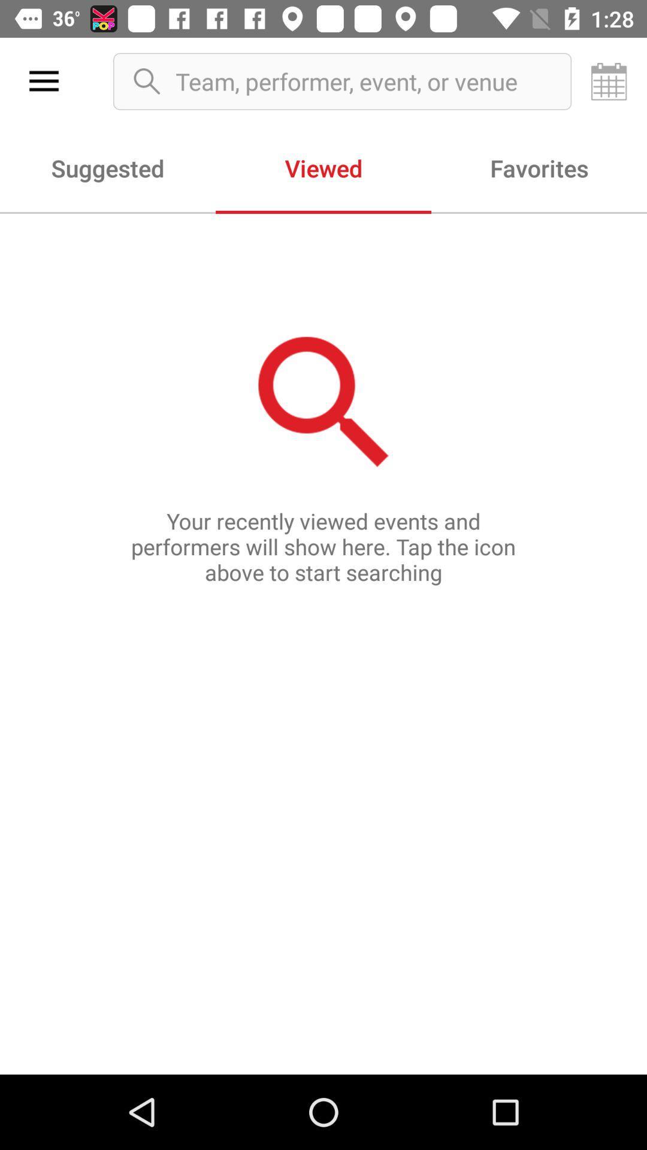 The image size is (647, 1150). What do you see at coordinates (108, 167) in the screenshot?
I see `suggested icon` at bounding box center [108, 167].